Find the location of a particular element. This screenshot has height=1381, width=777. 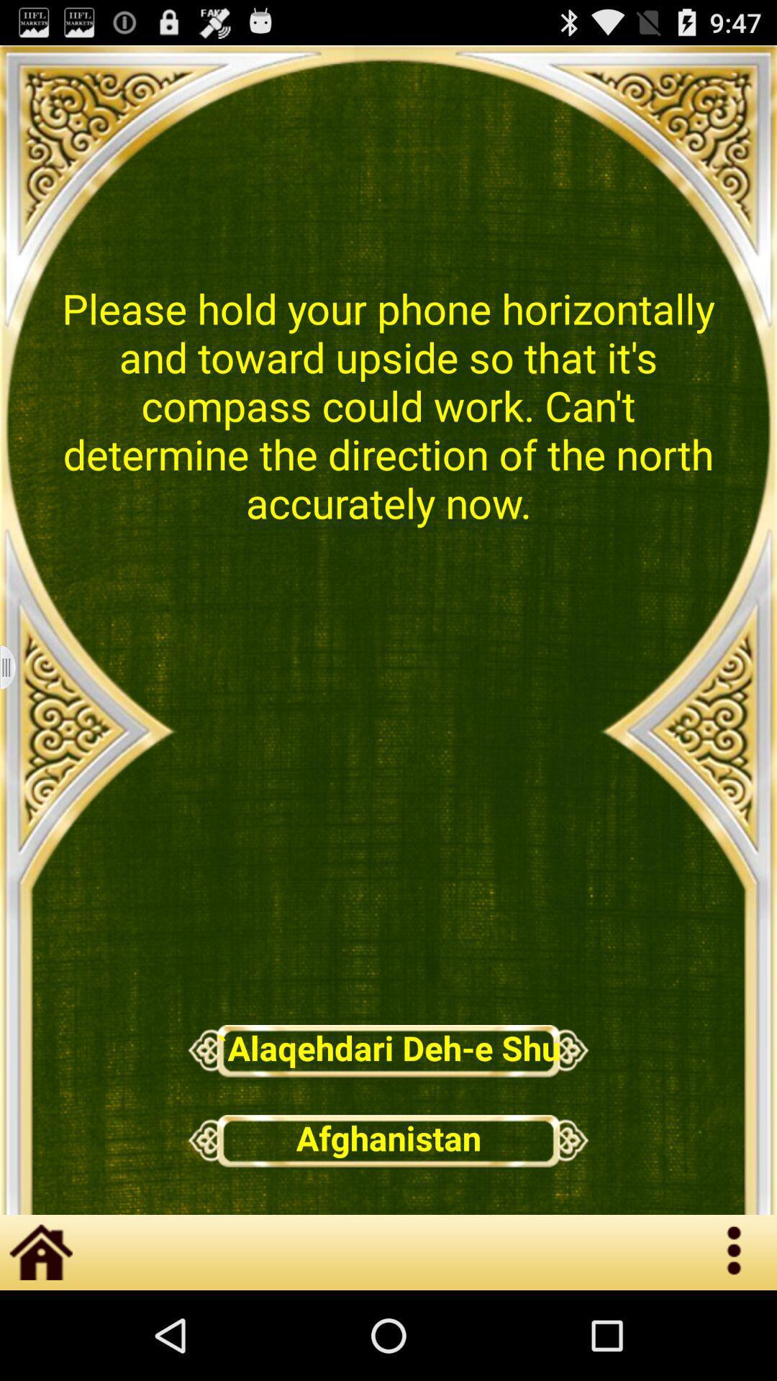

menu page is located at coordinates (17, 667).